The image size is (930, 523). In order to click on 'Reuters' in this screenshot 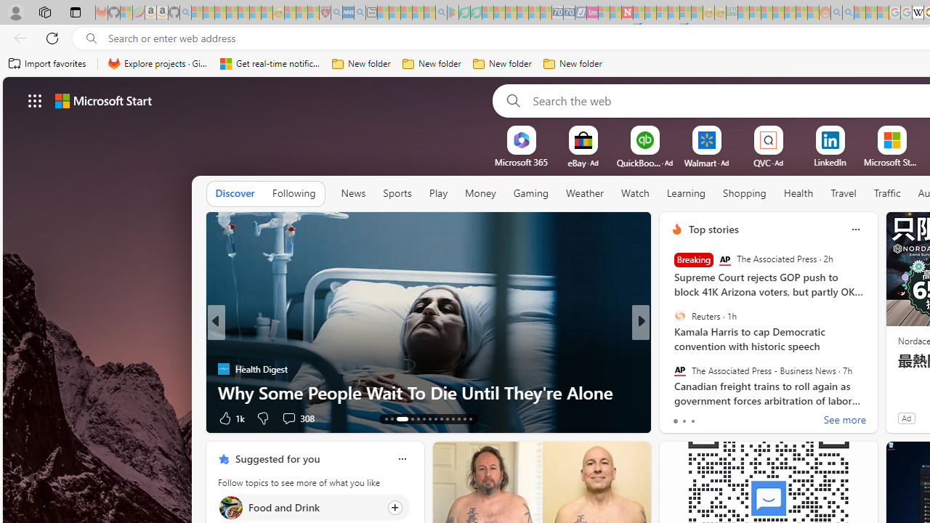, I will do `click(679, 315)`.